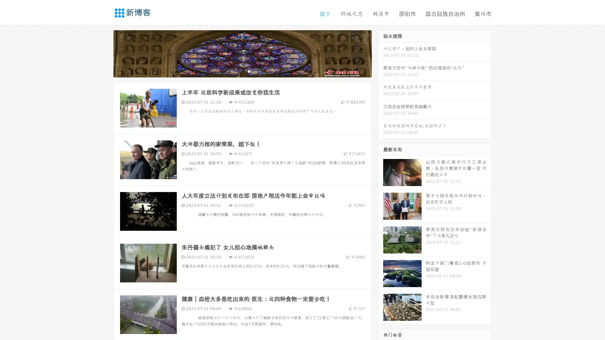  Describe the element at coordinates (249, 71) in the screenshot. I see `Go to slide 3` at that location.